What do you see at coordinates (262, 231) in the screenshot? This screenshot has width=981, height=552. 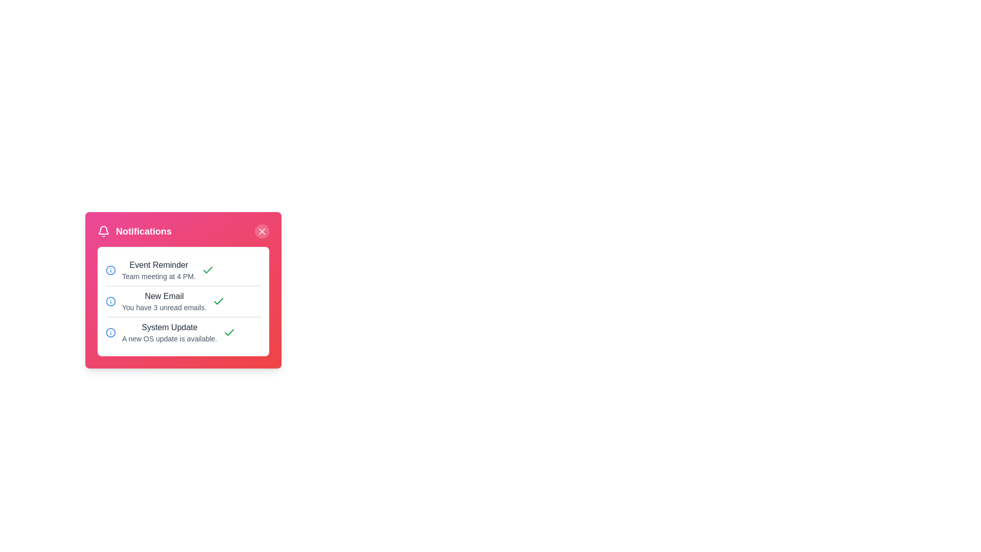 I see `the close button icon shaped like an 'X' within the red circular background located in the top-right corner of the Notifications panel to trigger the hover effect` at bounding box center [262, 231].